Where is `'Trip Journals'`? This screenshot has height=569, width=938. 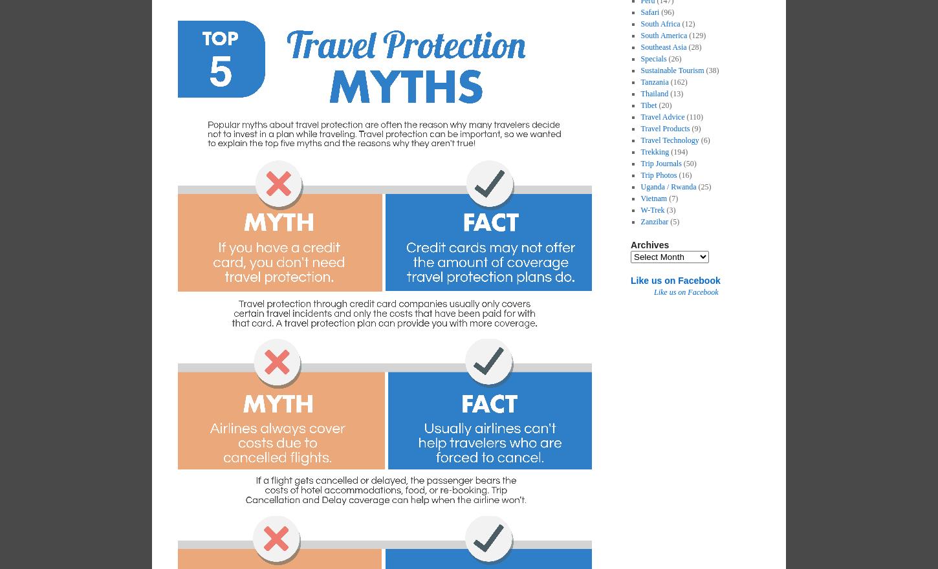 'Trip Journals' is located at coordinates (660, 162).